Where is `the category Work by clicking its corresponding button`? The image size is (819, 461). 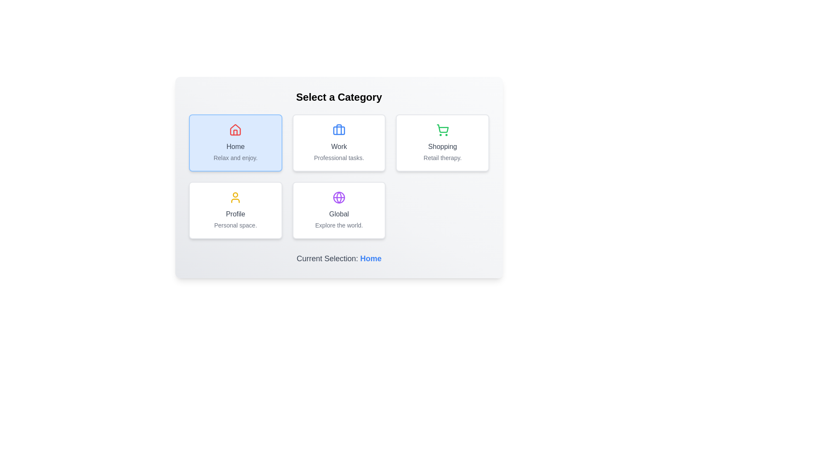
the category Work by clicking its corresponding button is located at coordinates (339, 143).